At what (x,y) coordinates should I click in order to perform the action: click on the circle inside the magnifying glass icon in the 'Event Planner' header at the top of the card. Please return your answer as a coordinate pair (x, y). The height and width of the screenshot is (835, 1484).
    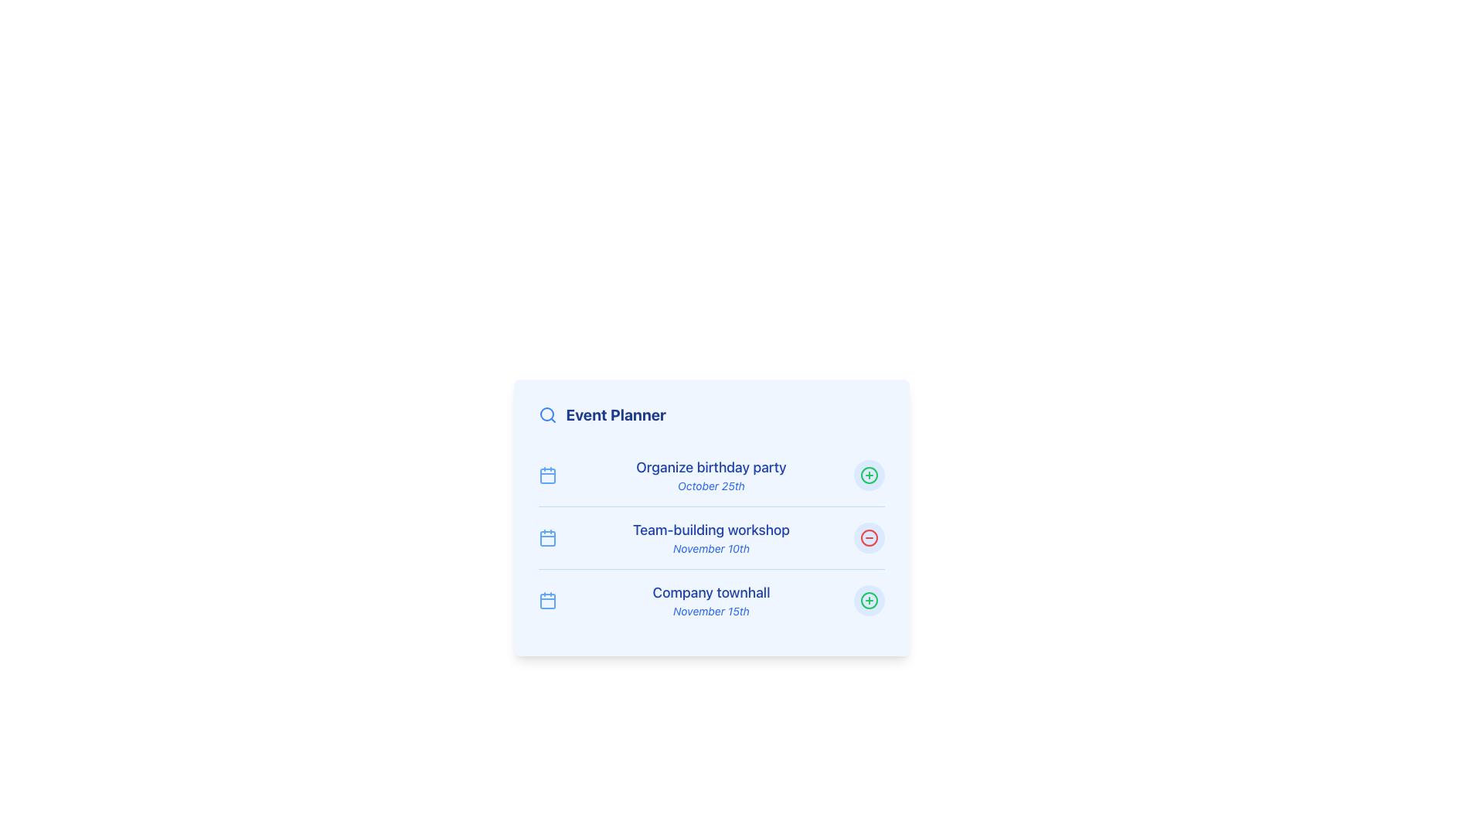
    Looking at the image, I should click on (546, 414).